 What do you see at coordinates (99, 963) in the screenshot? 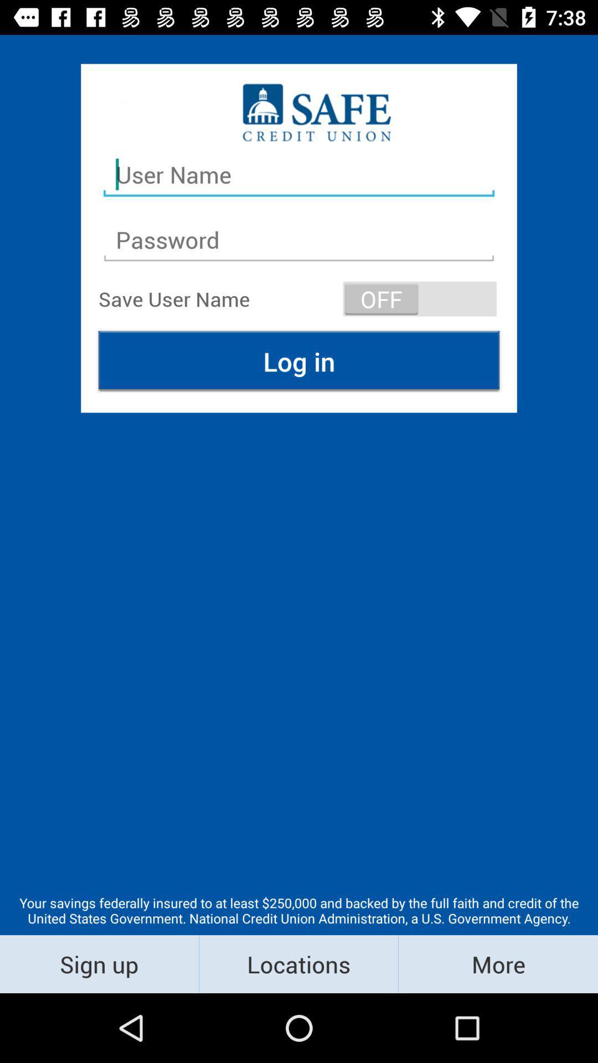
I see `sign up item` at bounding box center [99, 963].